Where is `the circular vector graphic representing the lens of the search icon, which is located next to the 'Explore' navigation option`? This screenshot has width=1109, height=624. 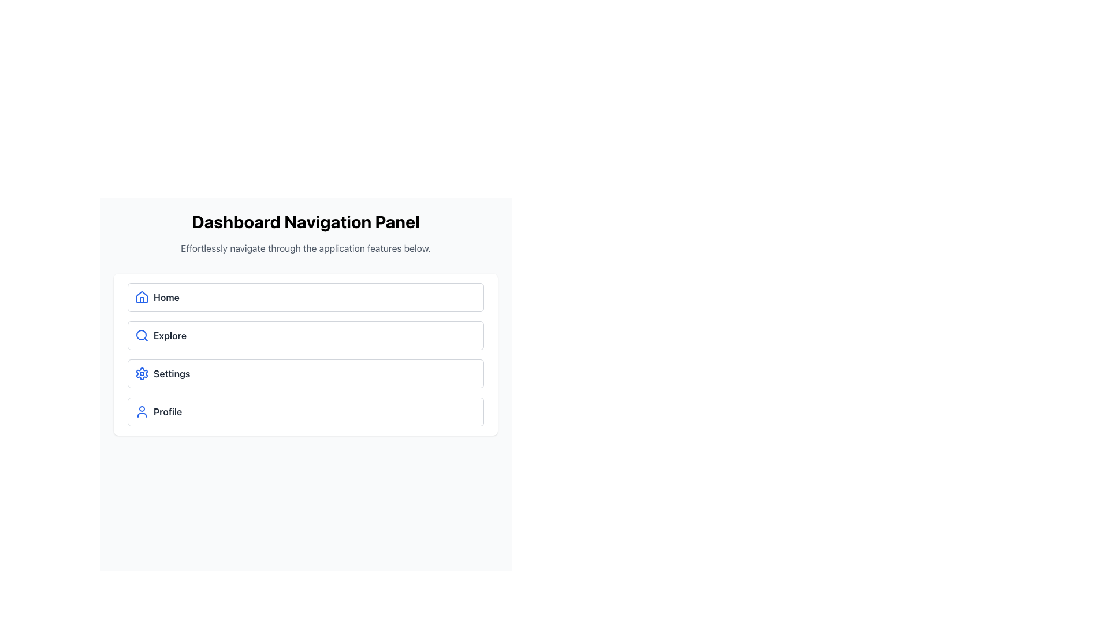
the circular vector graphic representing the lens of the search icon, which is located next to the 'Explore' navigation option is located at coordinates (140, 335).